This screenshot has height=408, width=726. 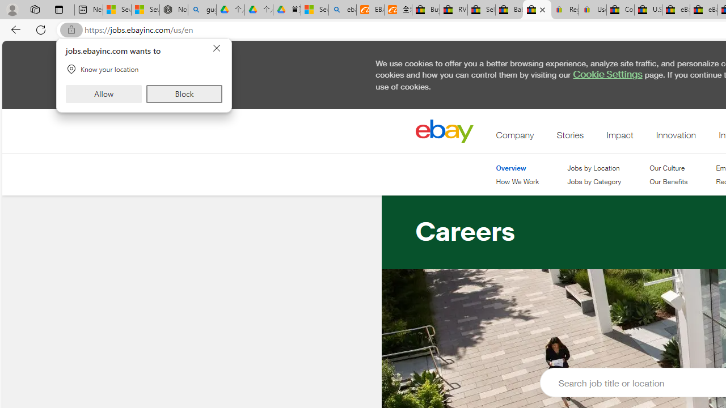 I want to click on 'Home', so click(x=444, y=130).